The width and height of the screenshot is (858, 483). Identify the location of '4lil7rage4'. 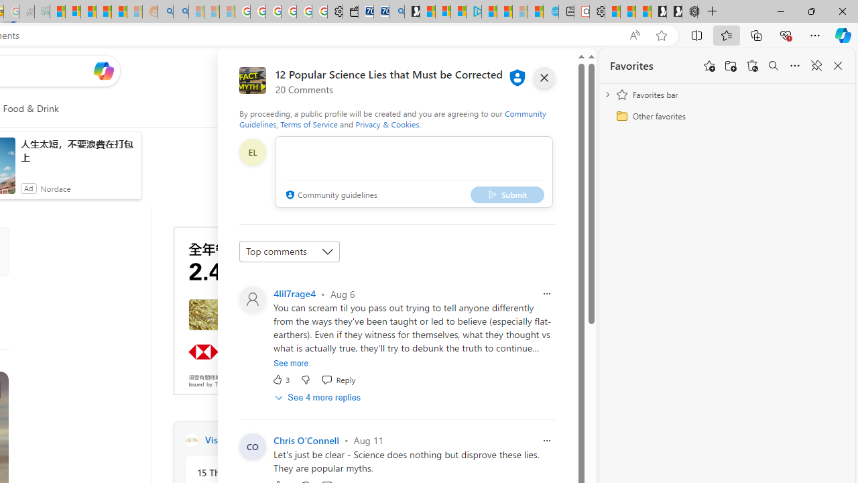
(294, 292).